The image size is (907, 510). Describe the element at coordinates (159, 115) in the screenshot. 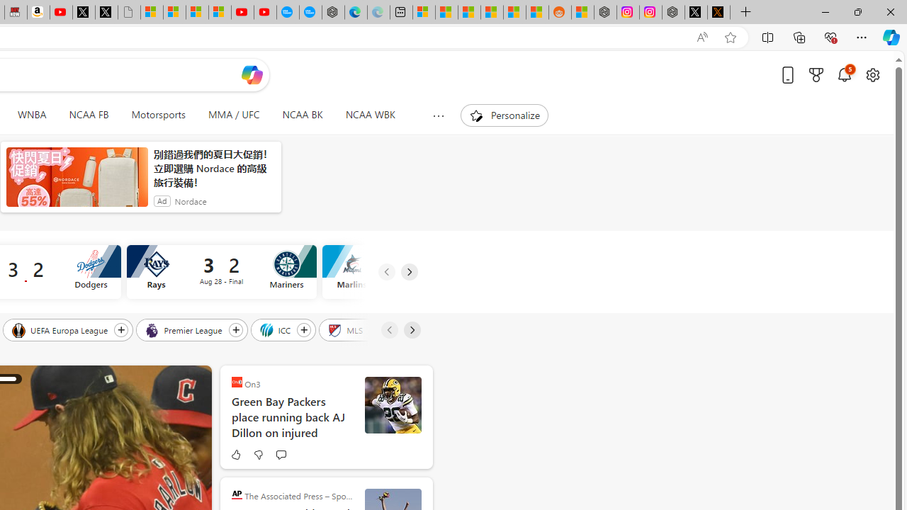

I see `'Motorsports'` at that location.